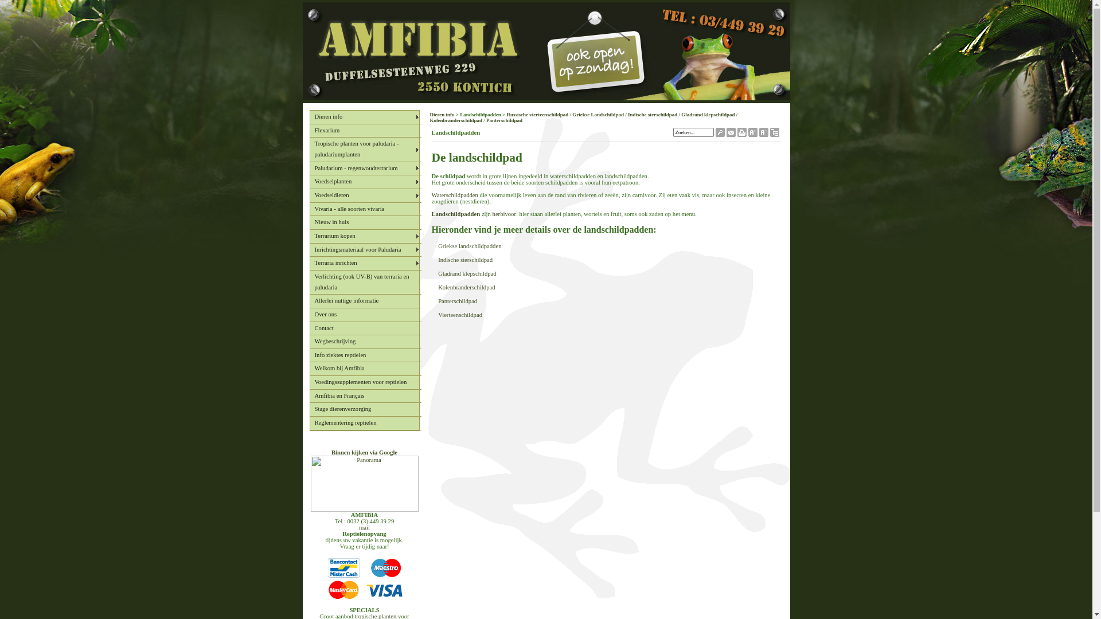  What do you see at coordinates (729, 134) in the screenshot?
I see `'Verzend deze pagina naar uw email'` at bounding box center [729, 134].